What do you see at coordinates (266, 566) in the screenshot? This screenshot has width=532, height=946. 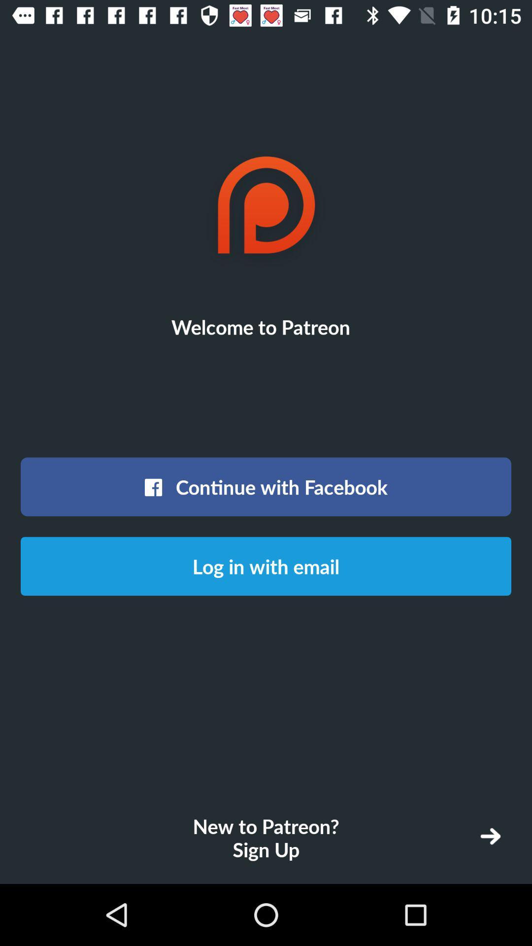 I see `the item above the new to patreon item` at bounding box center [266, 566].